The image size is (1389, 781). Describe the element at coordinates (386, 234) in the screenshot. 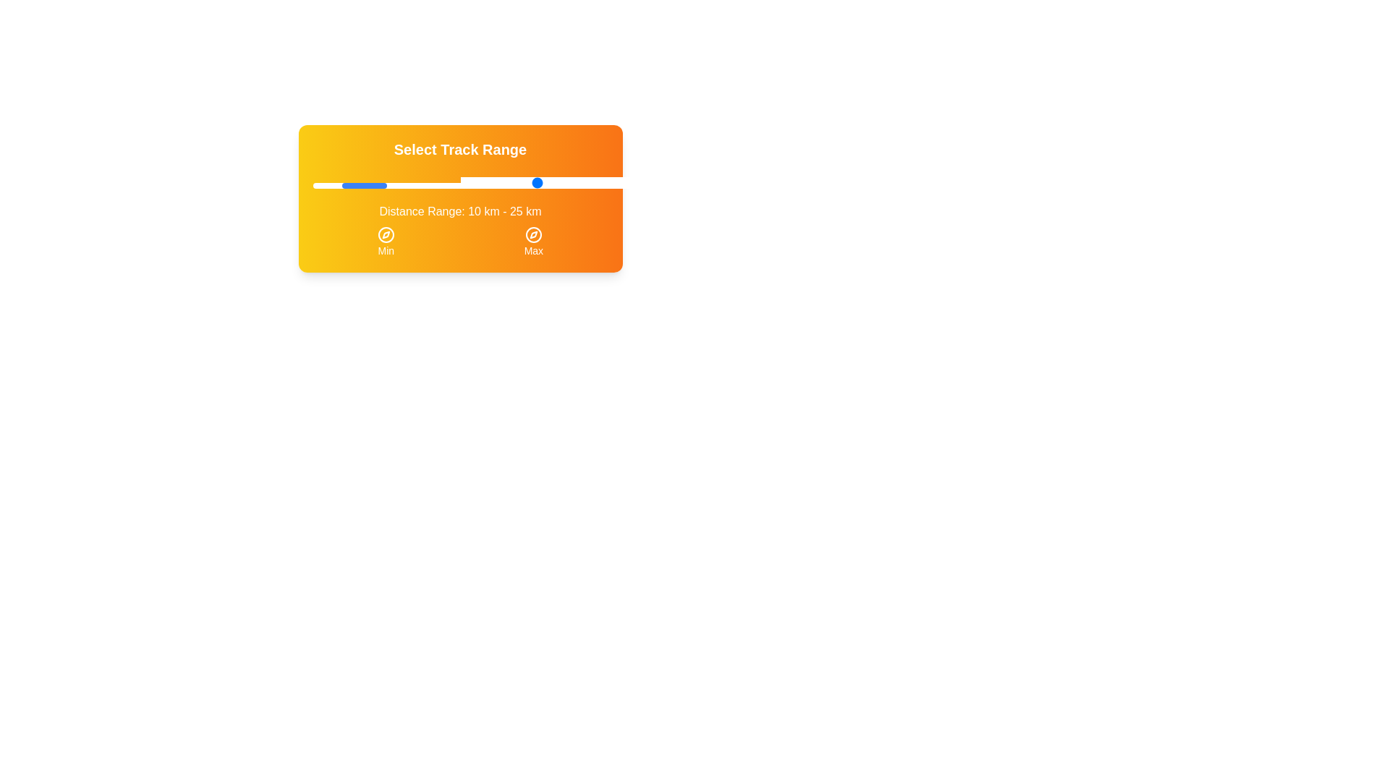

I see `the compass icon, which is an outlined circular shape with a white outline and an orange background, located to the left of the text 'Min' under 'Distance Range: 10 km - 25 km'` at that location.